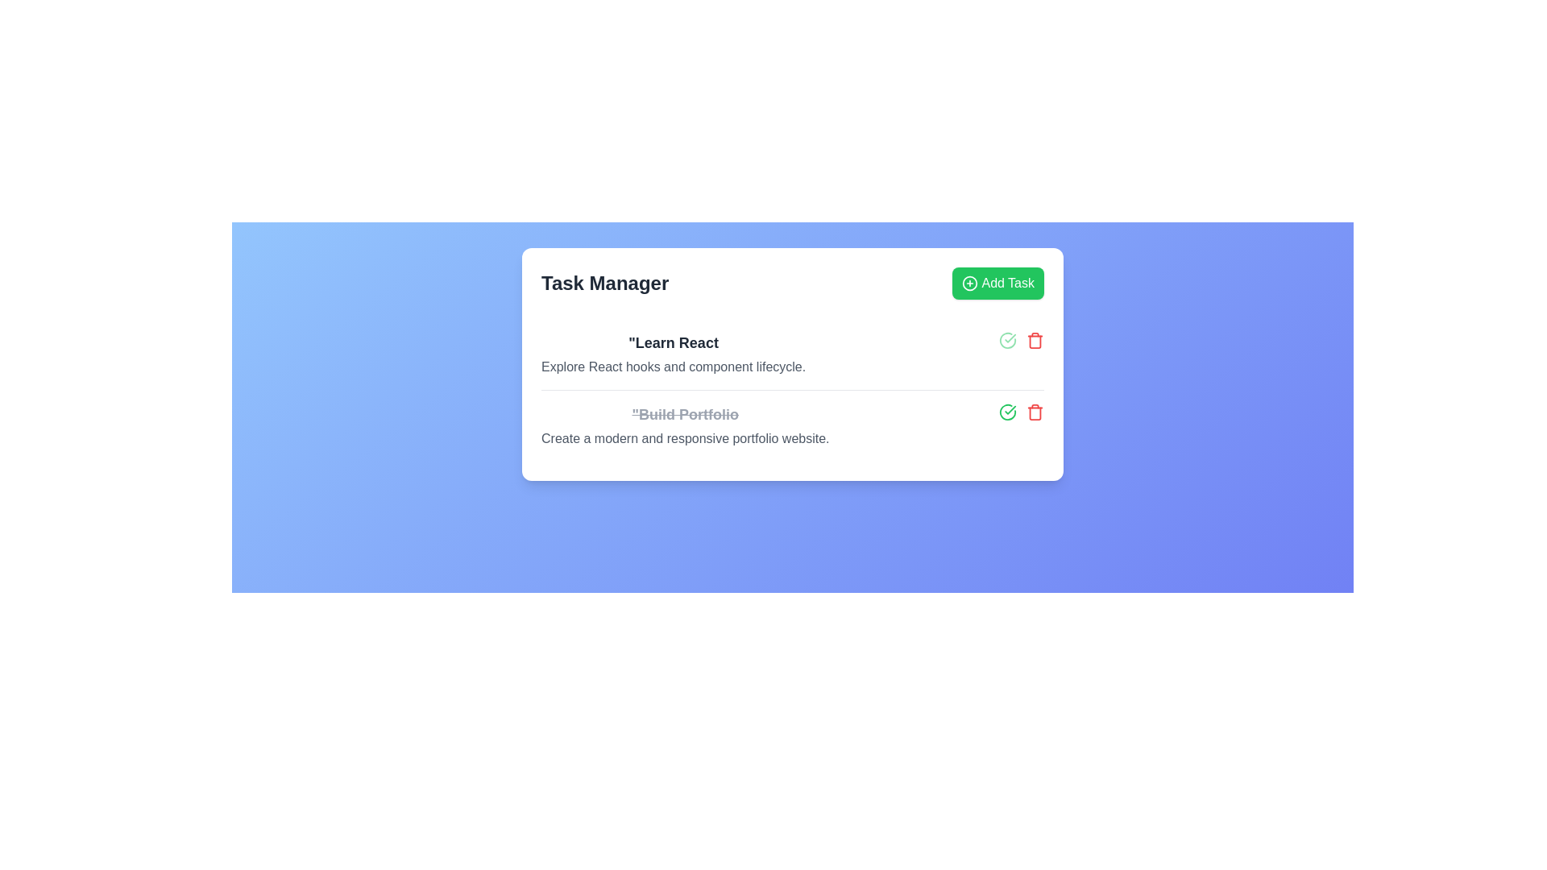 Image resolution: width=1547 pixels, height=870 pixels. Describe the element at coordinates (674, 367) in the screenshot. I see `the supplementary description text element located below the 'Learn React' heading, which provides additional context about the task` at that location.